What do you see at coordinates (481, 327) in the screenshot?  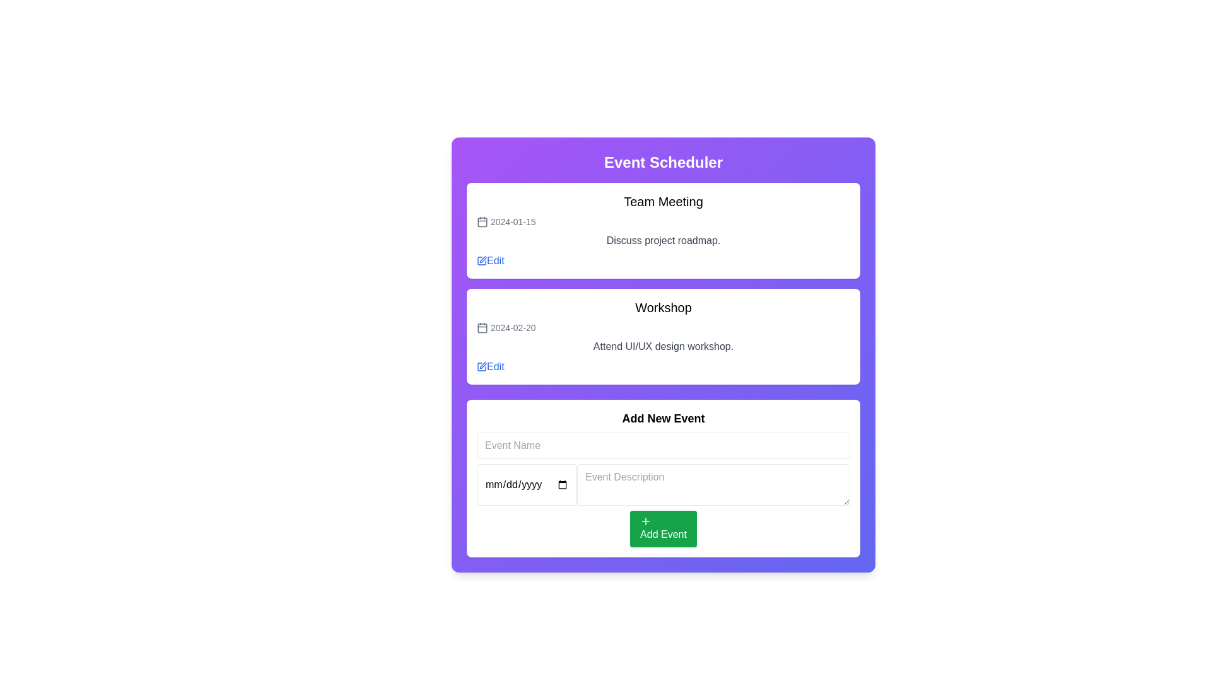 I see `the calendar icon located in the 'Workshop' section of the event scheduler layout, situated to the left of the date '2024-02-20', to perform event actions` at bounding box center [481, 327].